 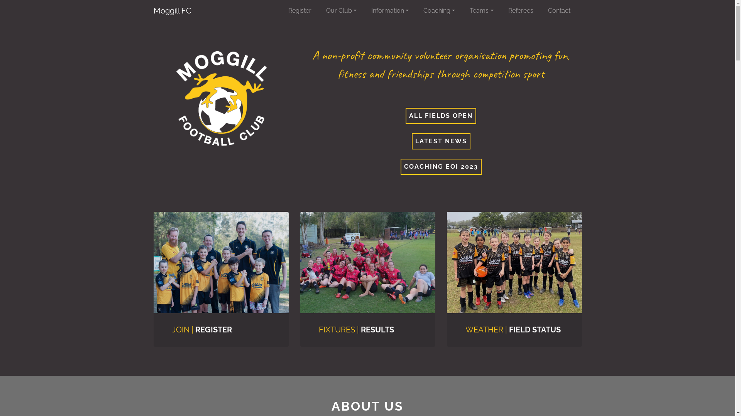 What do you see at coordinates (441, 116) in the screenshot?
I see `'ALL FIELDS OPEN'` at bounding box center [441, 116].